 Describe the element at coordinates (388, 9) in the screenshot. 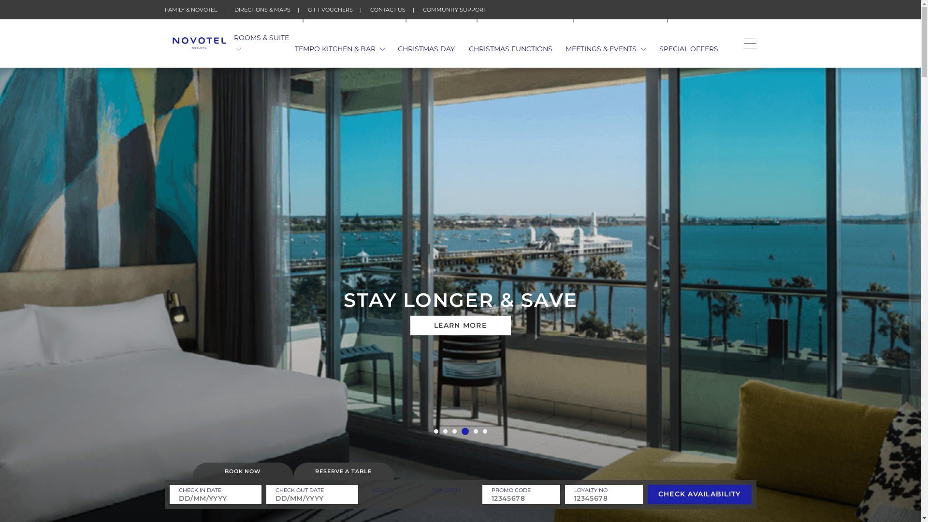

I see `'CONTACT US'` at that location.